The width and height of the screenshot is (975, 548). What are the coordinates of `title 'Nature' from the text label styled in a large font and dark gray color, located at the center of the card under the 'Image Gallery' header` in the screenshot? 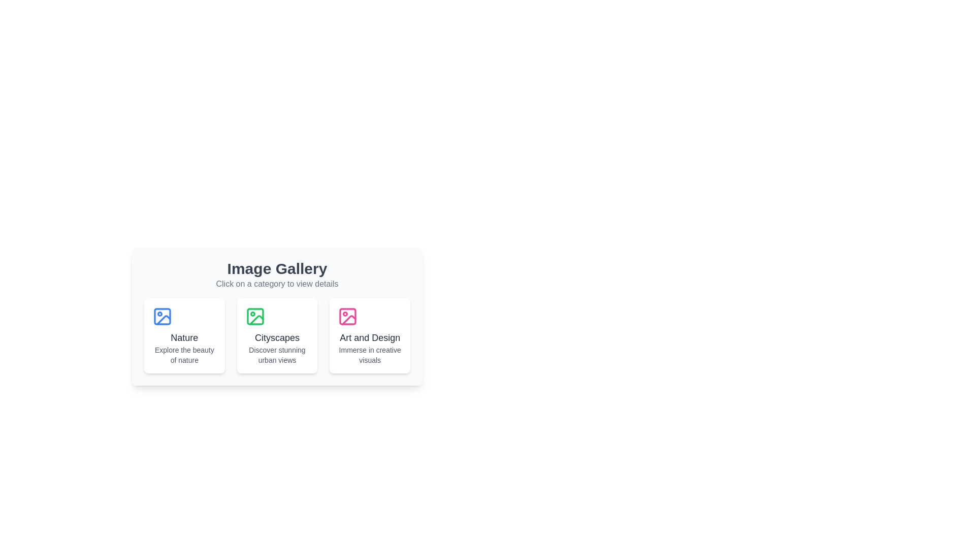 It's located at (184, 338).